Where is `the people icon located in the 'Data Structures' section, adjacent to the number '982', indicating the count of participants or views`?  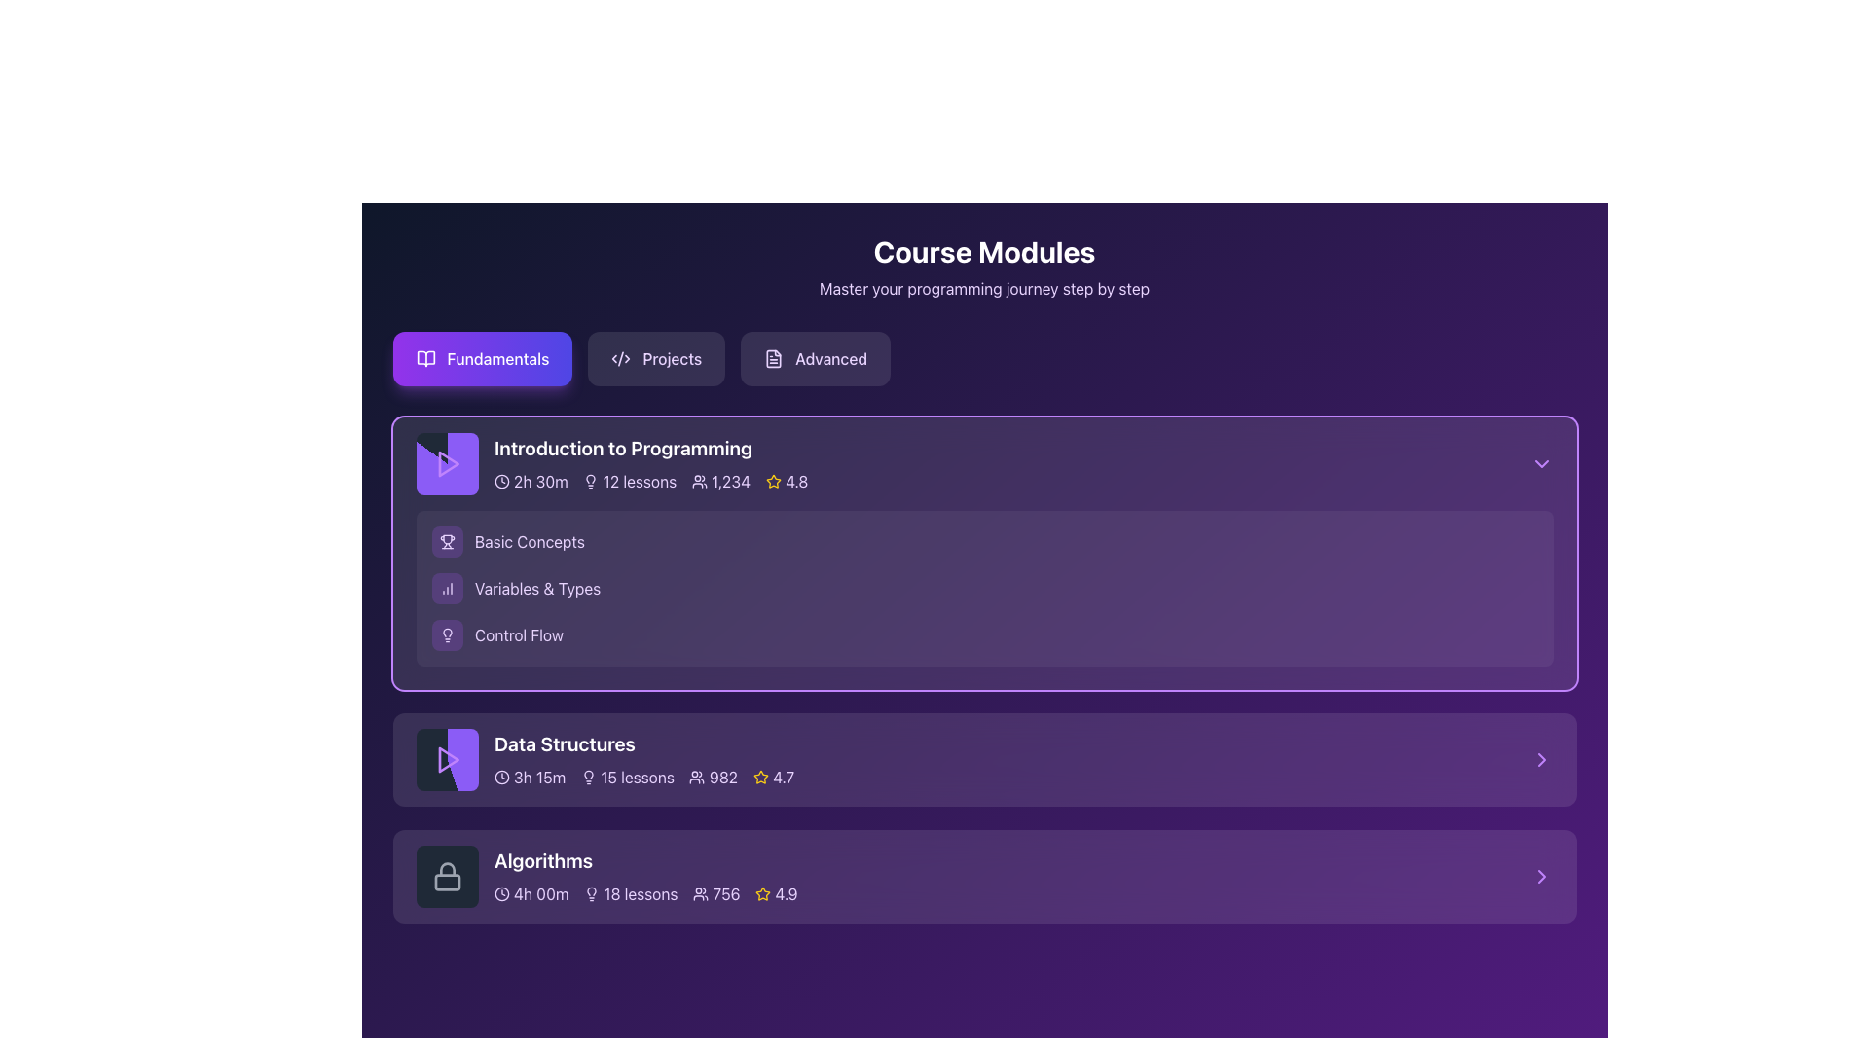 the people icon located in the 'Data Structures' section, adjacent to the number '982', indicating the count of participants or views is located at coordinates (697, 776).